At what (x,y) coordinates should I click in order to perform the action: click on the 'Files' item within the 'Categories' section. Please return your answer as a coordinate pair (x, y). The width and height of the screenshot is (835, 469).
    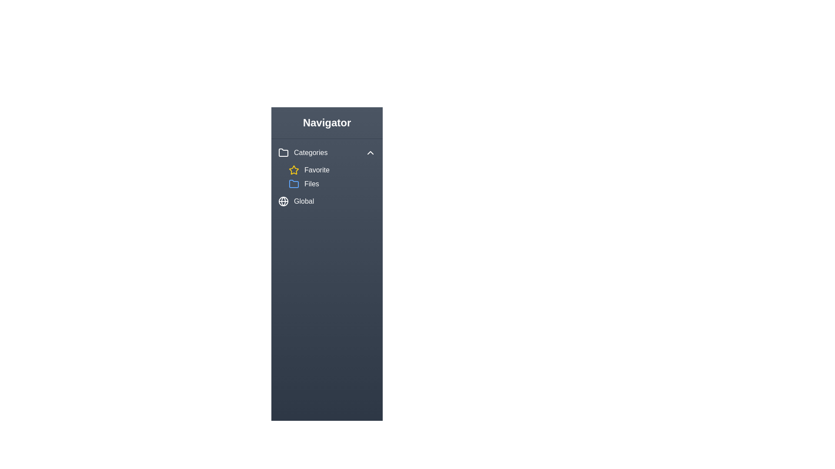
    Looking at the image, I should click on (331, 184).